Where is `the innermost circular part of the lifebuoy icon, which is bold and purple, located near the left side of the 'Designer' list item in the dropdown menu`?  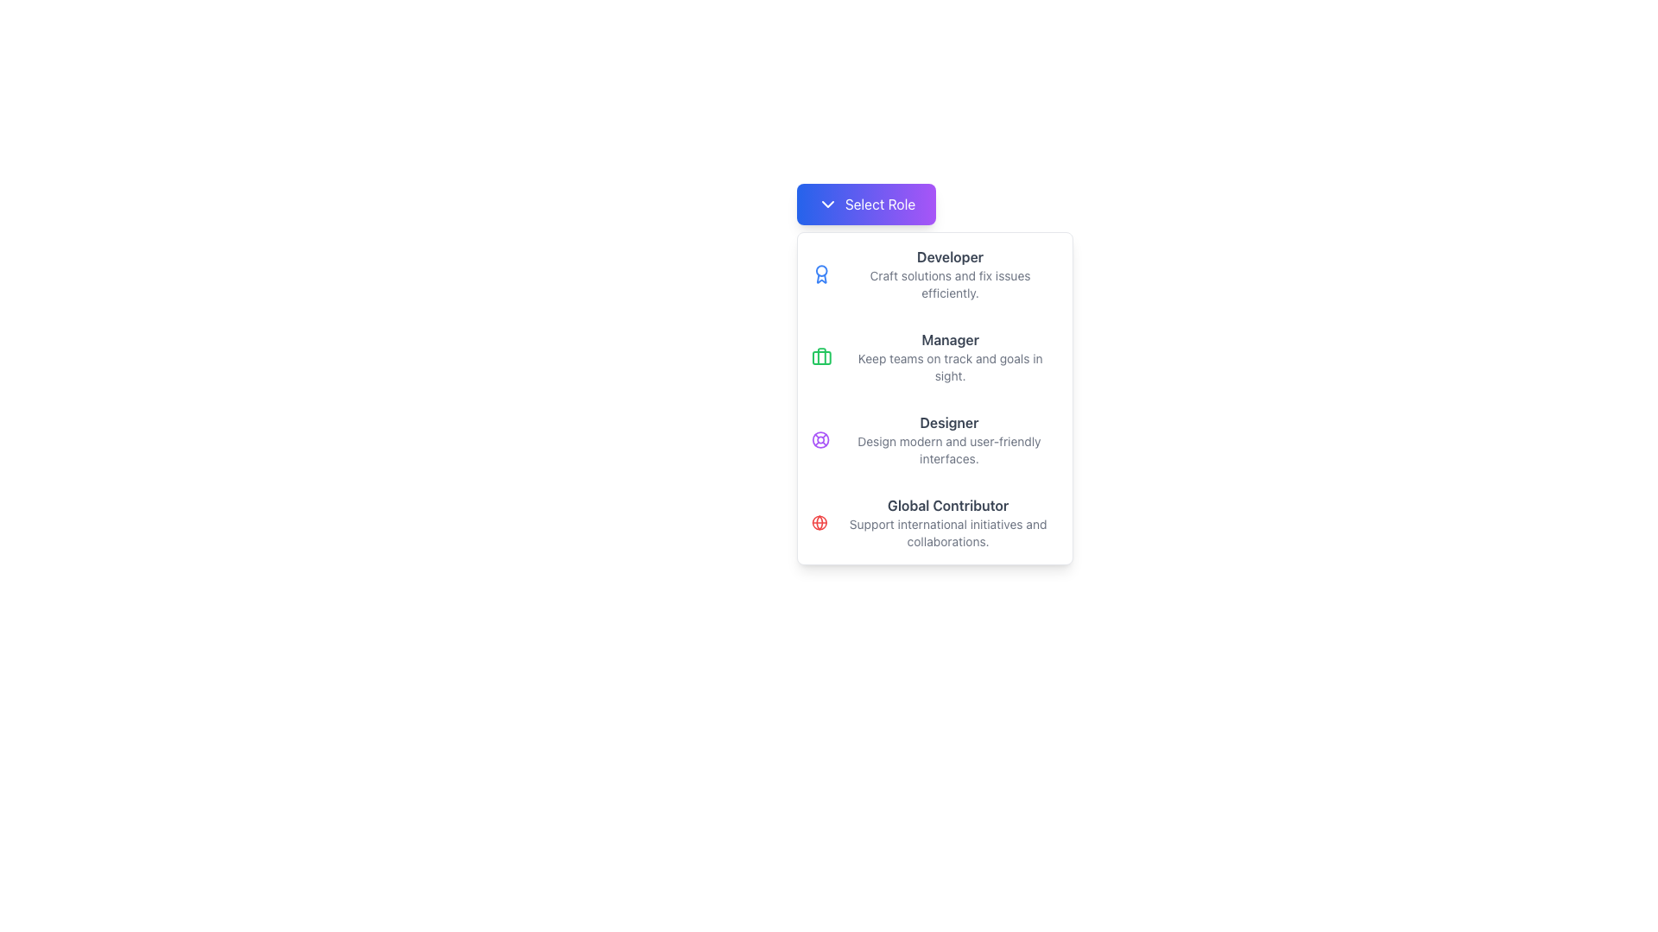
the innermost circular part of the lifebuoy icon, which is bold and purple, located near the left side of the 'Designer' list item in the dropdown menu is located at coordinates (820, 438).